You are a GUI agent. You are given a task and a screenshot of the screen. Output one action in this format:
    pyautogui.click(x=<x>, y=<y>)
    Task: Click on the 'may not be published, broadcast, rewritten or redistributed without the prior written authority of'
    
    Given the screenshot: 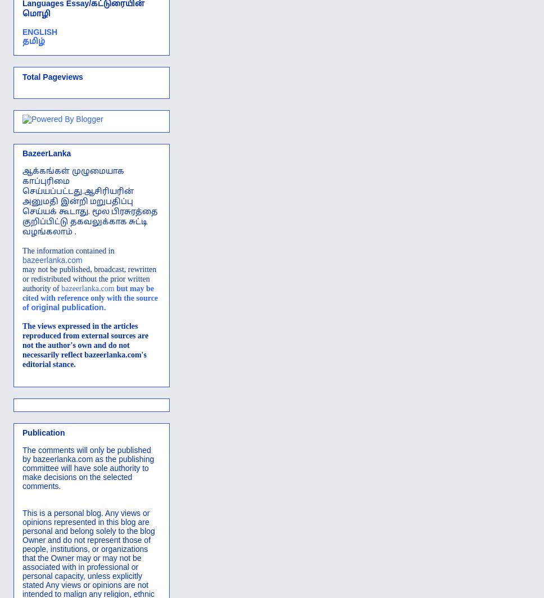 What is the action you would take?
    pyautogui.click(x=89, y=278)
    